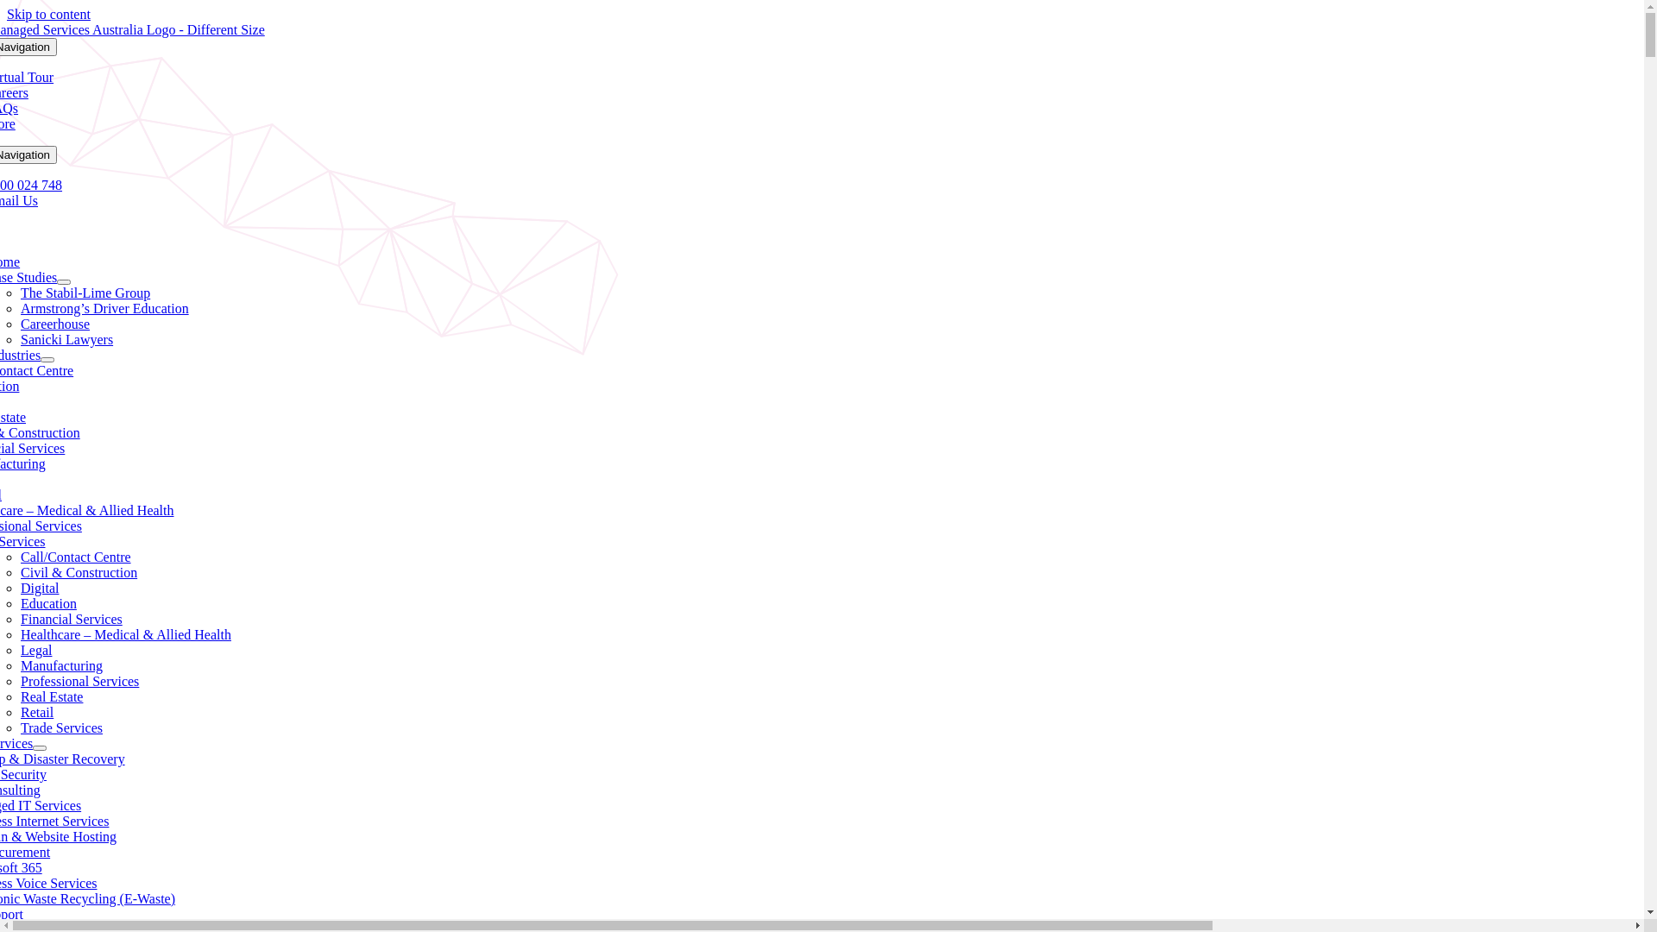  What do you see at coordinates (37, 712) in the screenshot?
I see `'Retail'` at bounding box center [37, 712].